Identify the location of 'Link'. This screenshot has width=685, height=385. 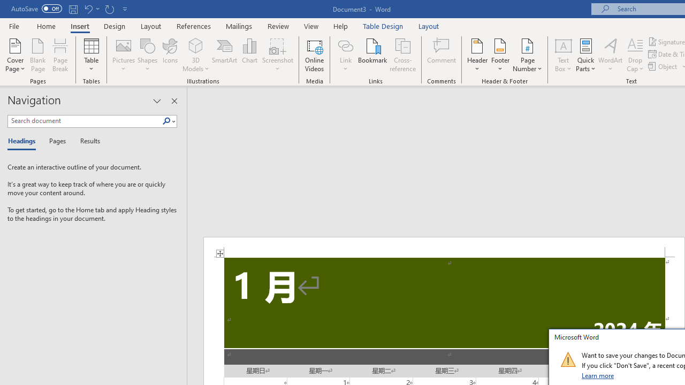
(345, 45).